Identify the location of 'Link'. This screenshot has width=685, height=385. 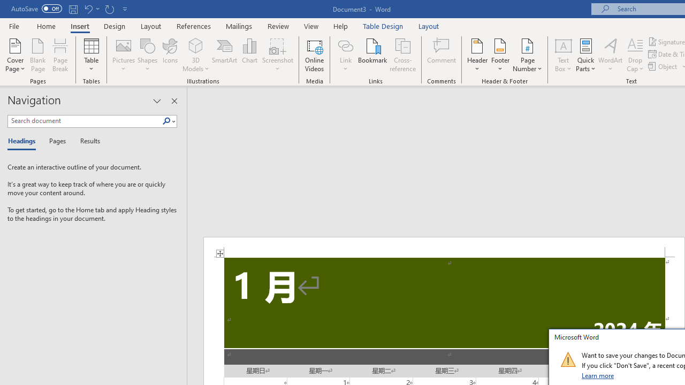
(345, 45).